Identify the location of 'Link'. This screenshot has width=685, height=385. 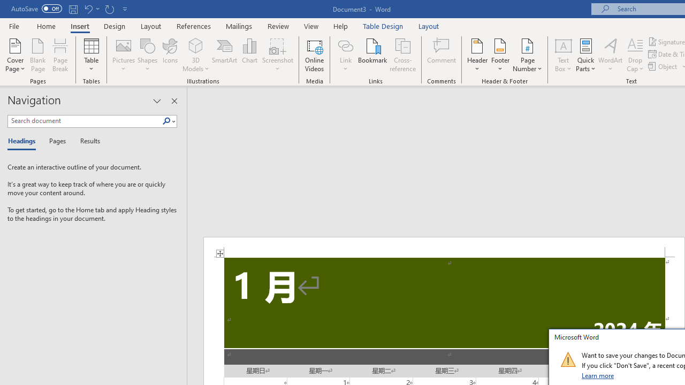
(345, 45).